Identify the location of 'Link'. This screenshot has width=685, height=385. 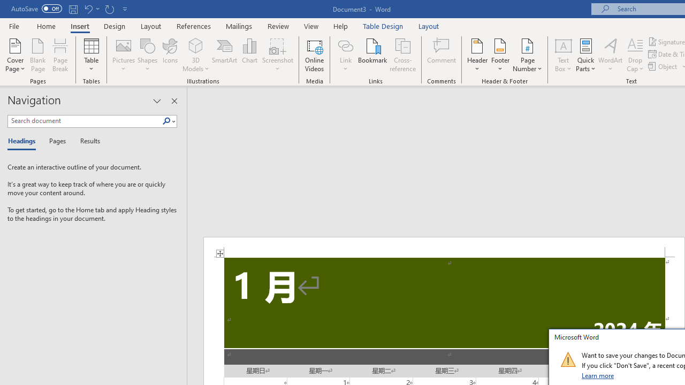
(345, 45).